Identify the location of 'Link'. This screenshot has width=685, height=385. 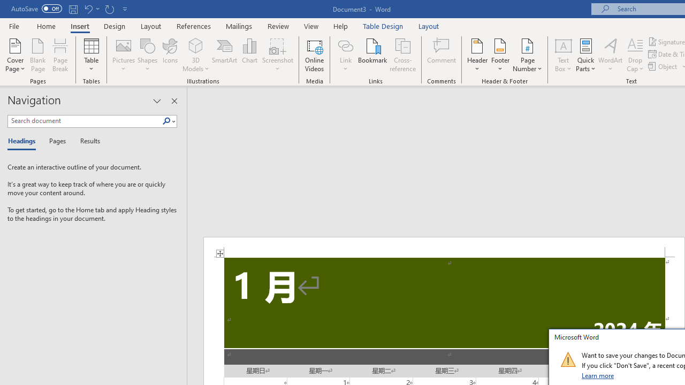
(345, 45).